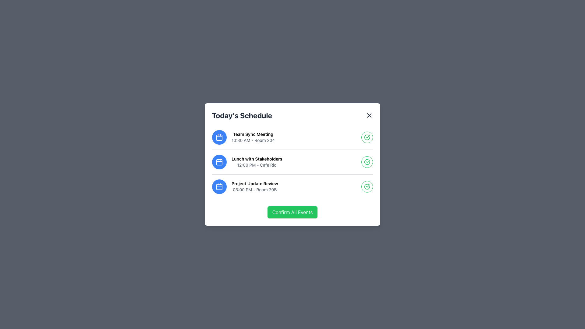 The height and width of the screenshot is (329, 585). What do you see at coordinates (255, 183) in the screenshot?
I see `the static text label that serves as the title for the third scheduled event in the list, positioned between 'Lunch with Stakeholders' and the 'Confirm All Events' button` at bounding box center [255, 183].